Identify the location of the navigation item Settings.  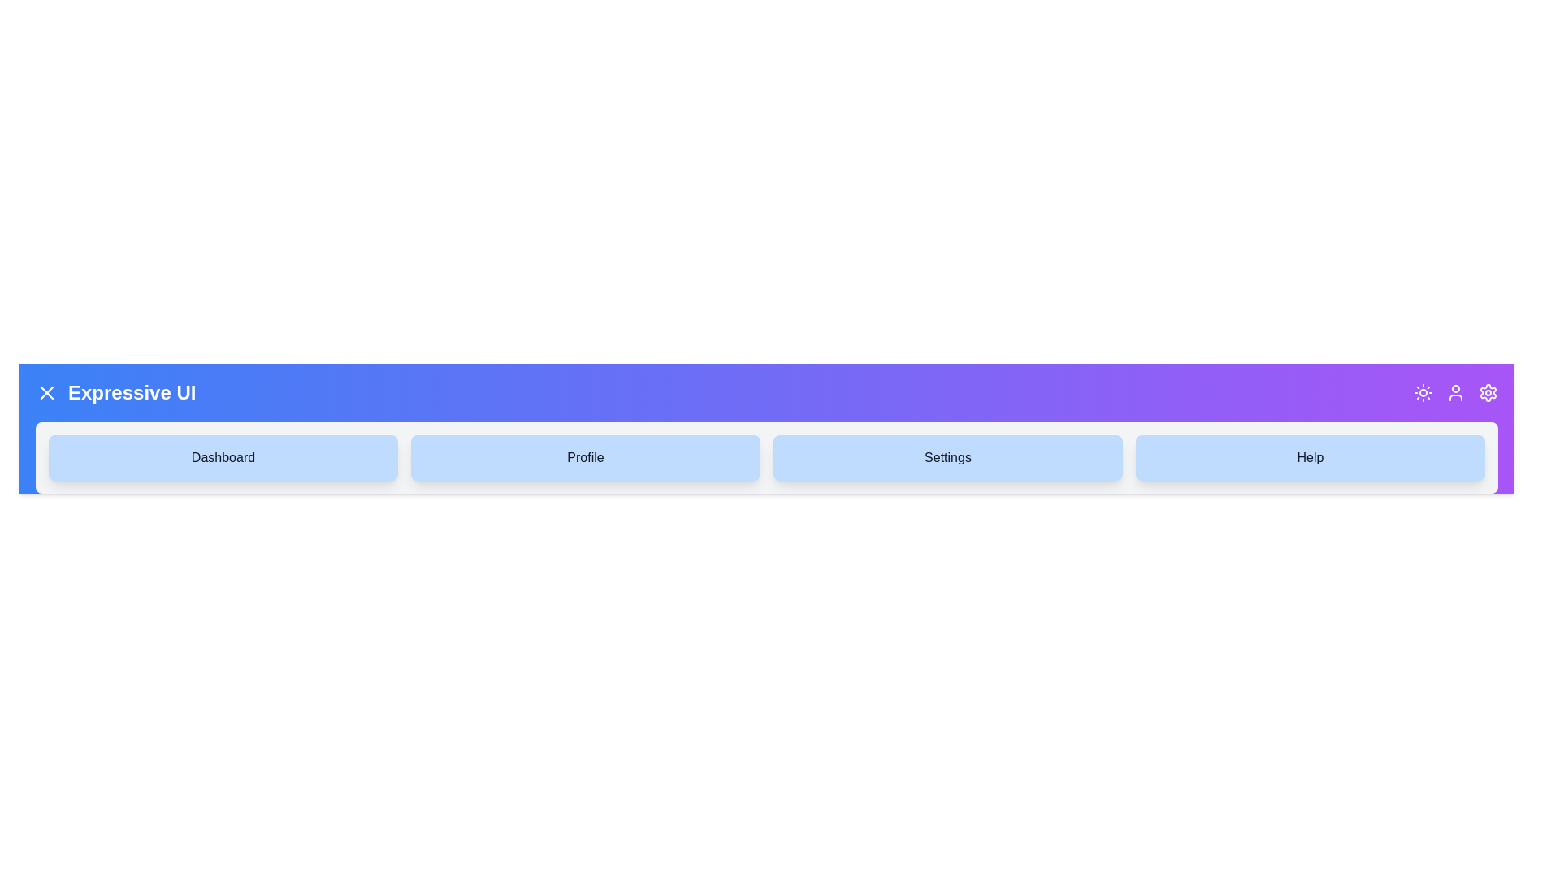
(947, 457).